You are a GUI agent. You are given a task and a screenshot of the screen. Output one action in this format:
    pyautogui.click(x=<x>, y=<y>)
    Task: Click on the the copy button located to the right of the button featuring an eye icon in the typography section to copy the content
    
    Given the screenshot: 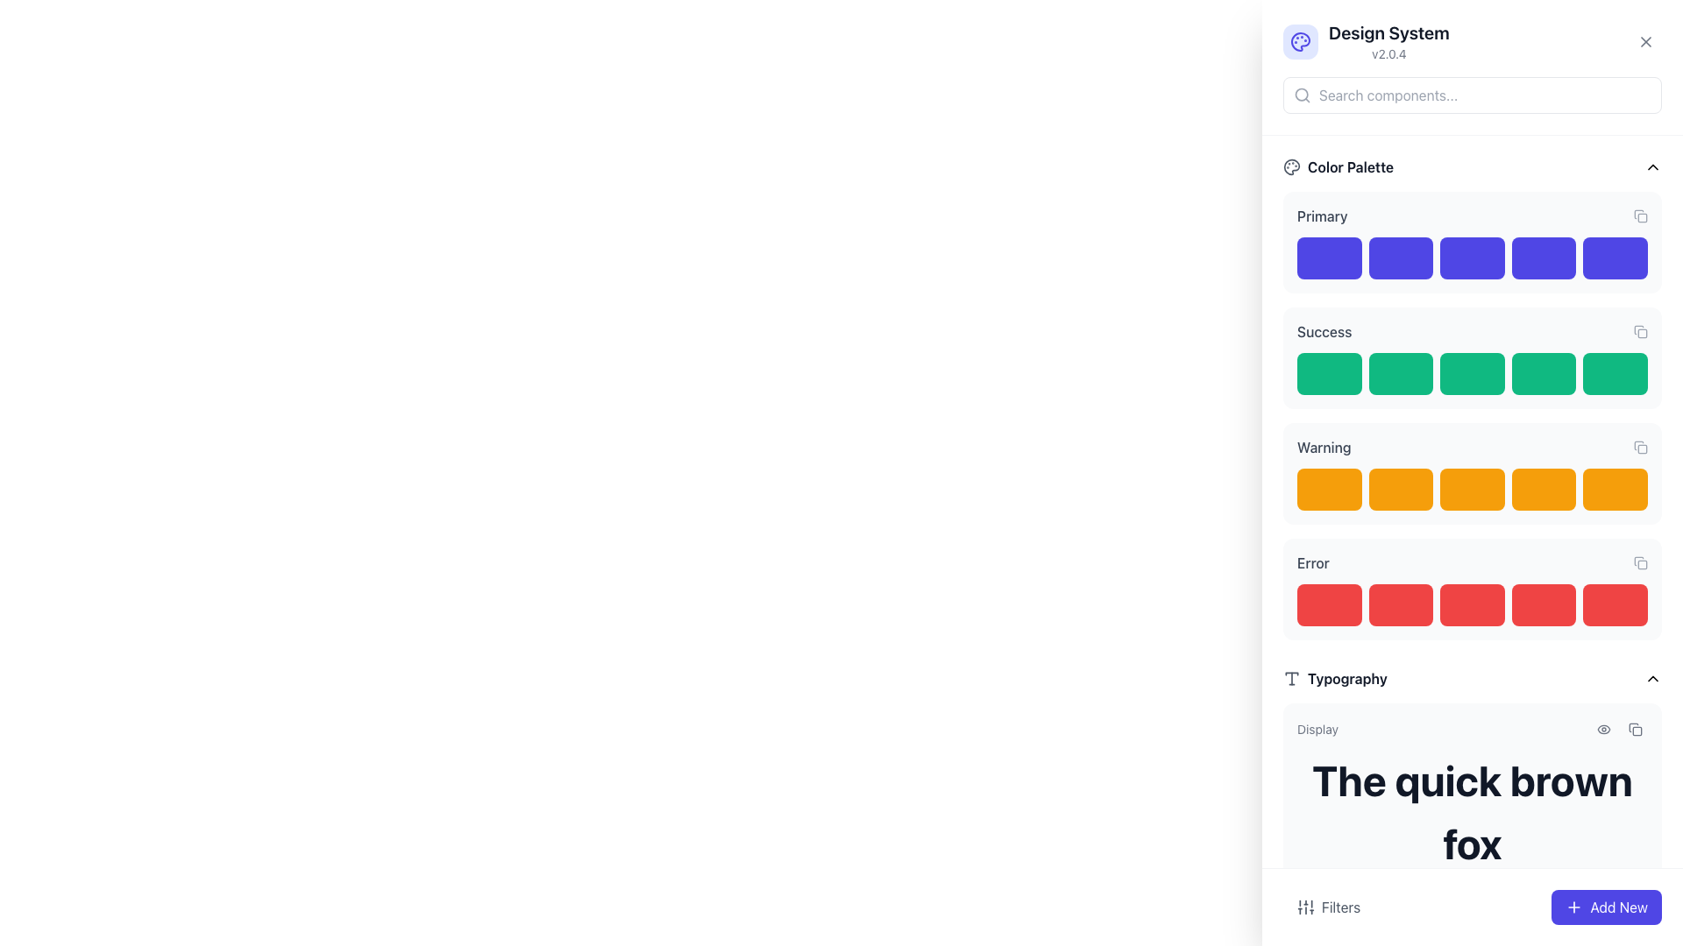 What is the action you would take?
    pyautogui.click(x=1635, y=928)
    